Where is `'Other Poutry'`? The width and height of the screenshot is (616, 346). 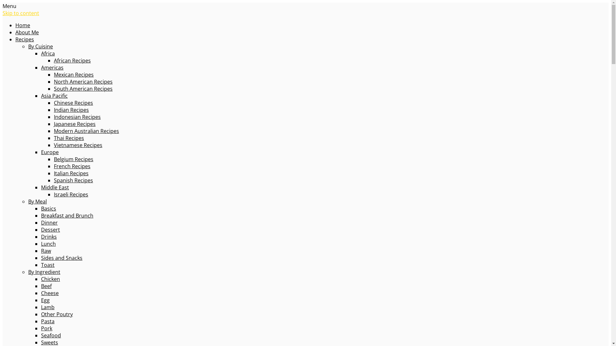
'Other Poutry' is located at coordinates (57, 314).